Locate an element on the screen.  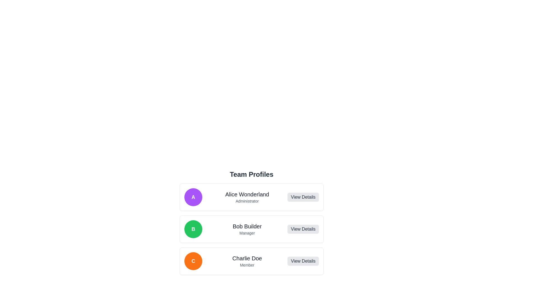
the text display element that shows 'Charlie Doe' and 'Member' in the Team Profiles section, located to the right of the circular orange avatar and to the left of the 'View Details' button is located at coordinates (247, 261).